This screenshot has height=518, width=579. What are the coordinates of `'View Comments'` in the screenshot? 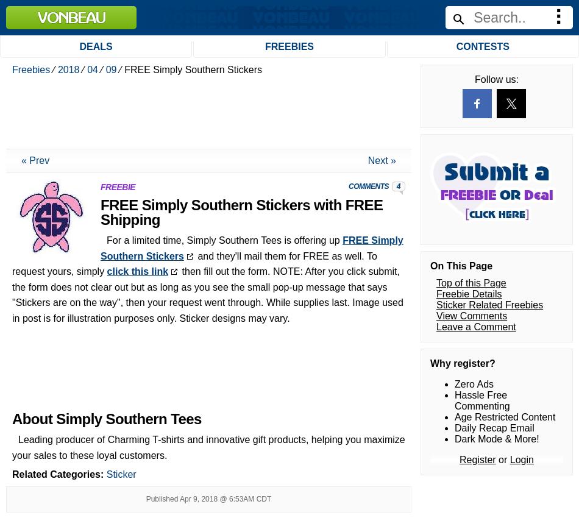 It's located at (471, 10).